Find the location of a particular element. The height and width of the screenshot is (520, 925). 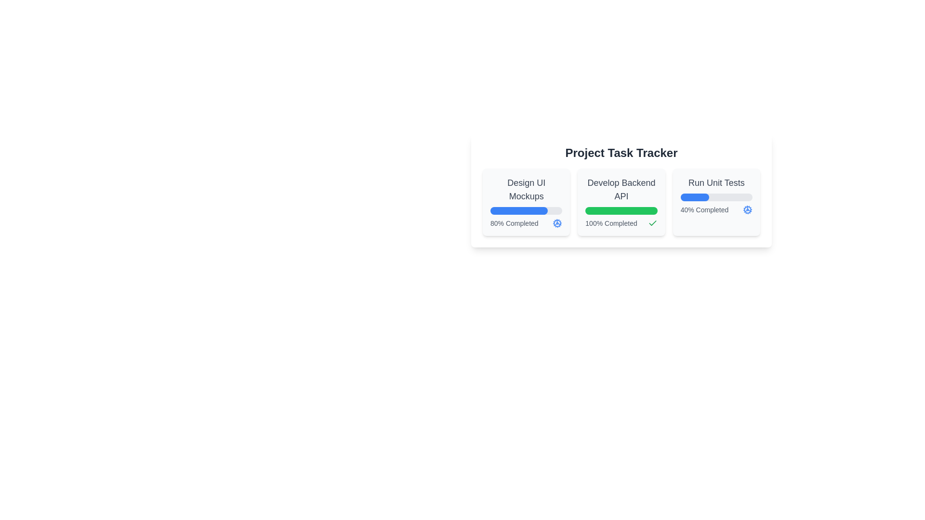

the blue spinning cogwheel loading spinner icon located in the '80% Completed' section of the 'Design UI Mockups' card, positioned to the right of the text '80% Completed' is located at coordinates (557, 223).